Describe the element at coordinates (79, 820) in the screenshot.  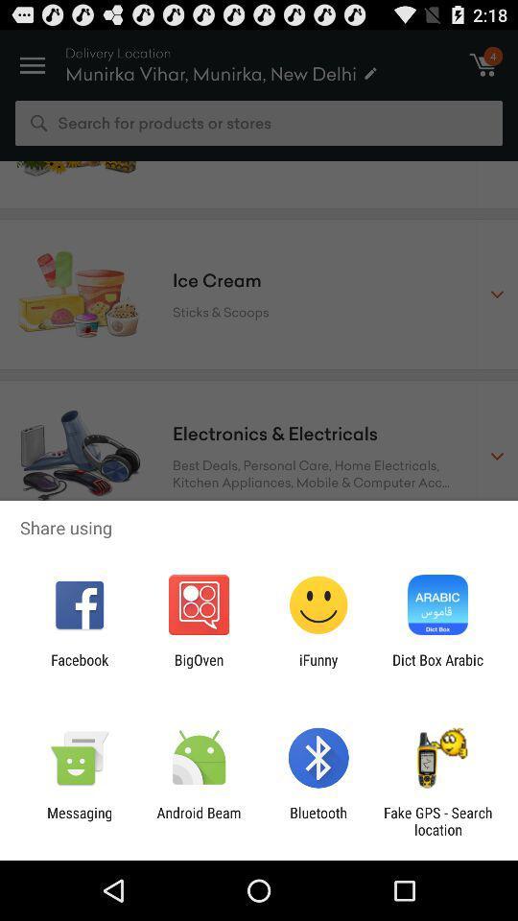
I see `the app to the left of the android beam icon` at that location.